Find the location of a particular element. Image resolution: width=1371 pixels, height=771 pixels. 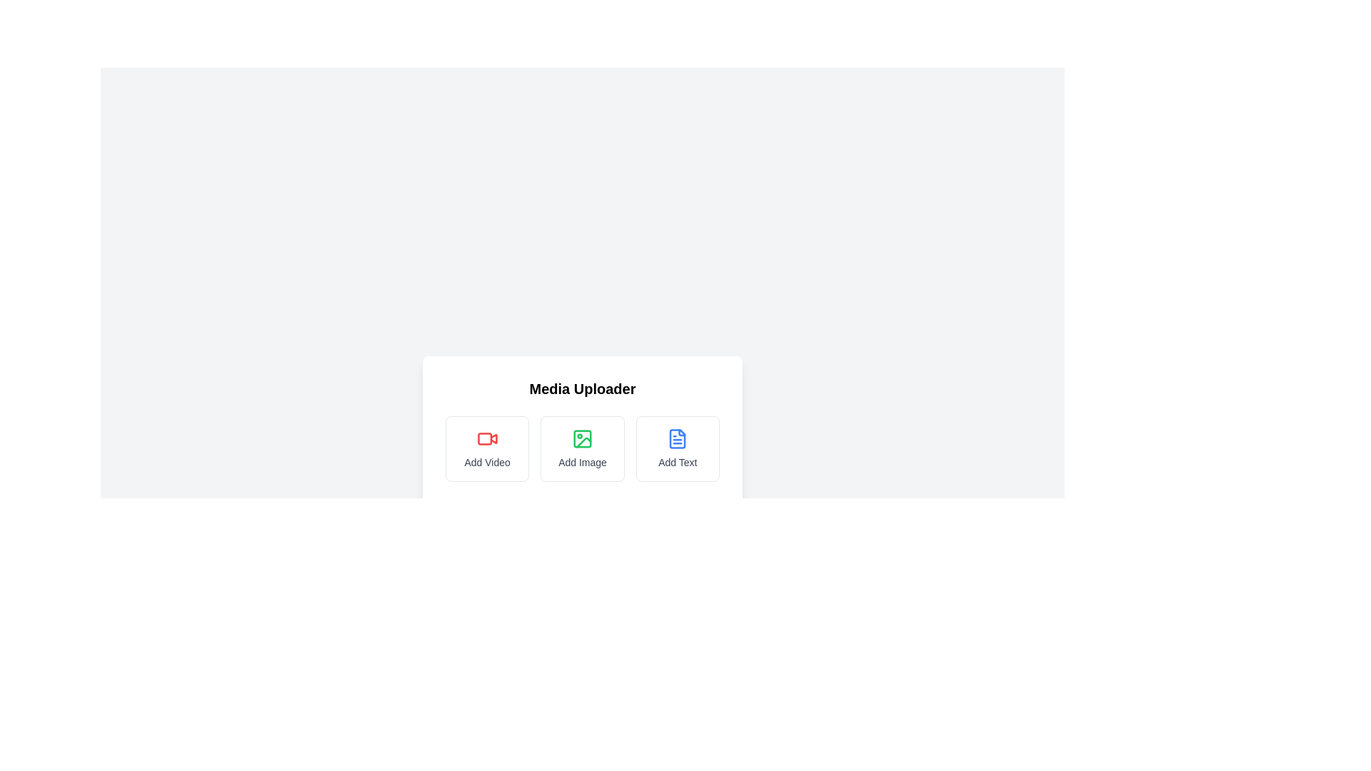

the middle button that allows users to upload or add an image for keyboard navigation is located at coordinates (583, 448).